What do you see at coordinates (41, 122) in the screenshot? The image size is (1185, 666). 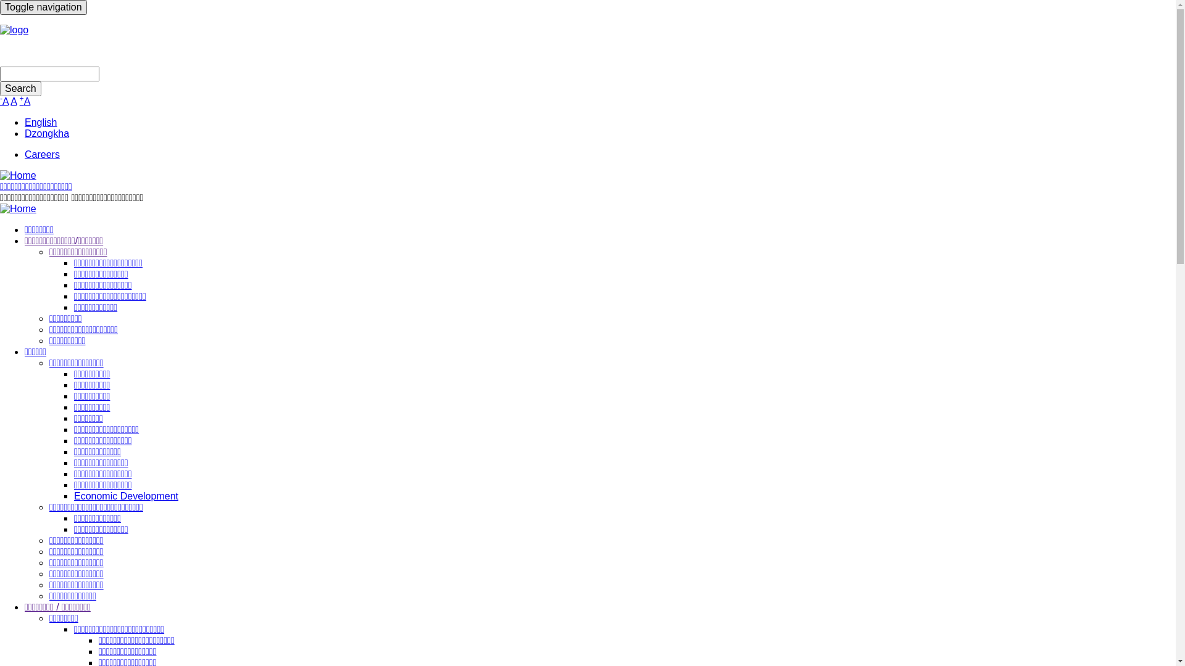 I see `'English'` at bounding box center [41, 122].